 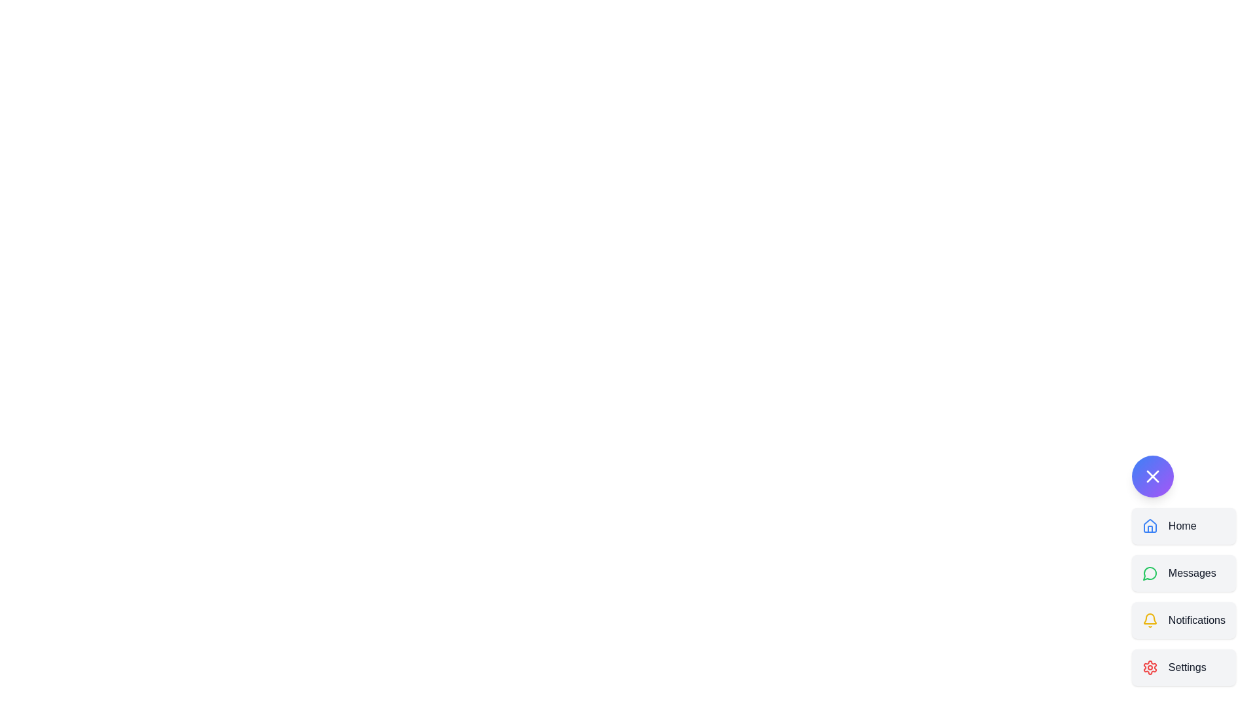 What do you see at coordinates (1149, 525) in the screenshot?
I see `the 'Home' icon located in the vertical navigation menu, positioned to the left of the 'Home' text label` at bounding box center [1149, 525].